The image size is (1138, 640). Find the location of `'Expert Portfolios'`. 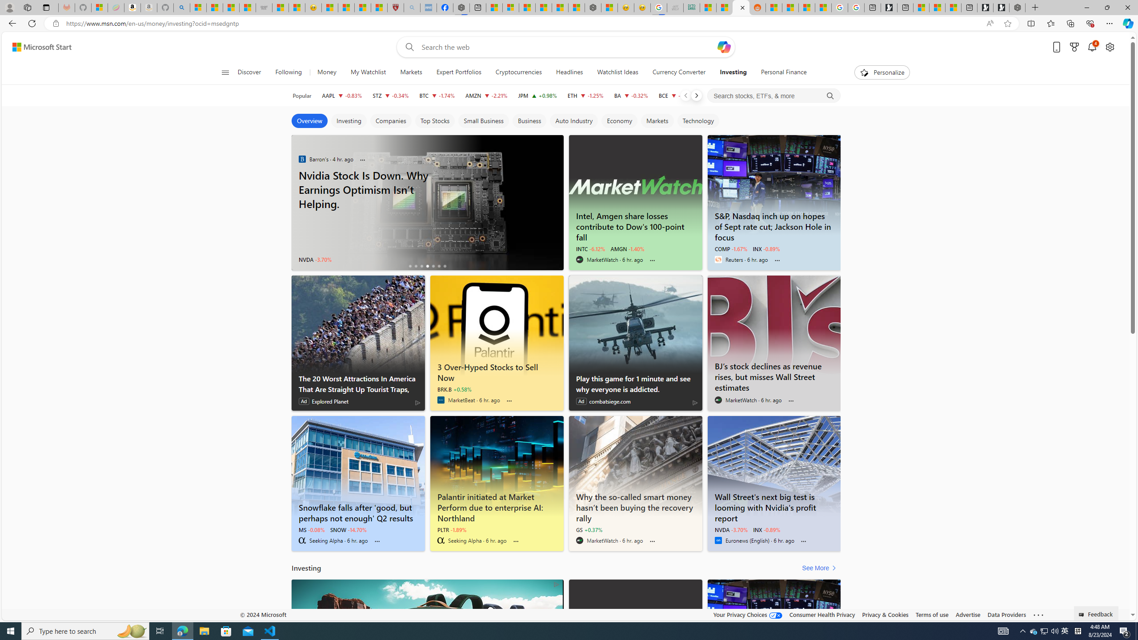

'Expert Portfolios' is located at coordinates (458, 72).